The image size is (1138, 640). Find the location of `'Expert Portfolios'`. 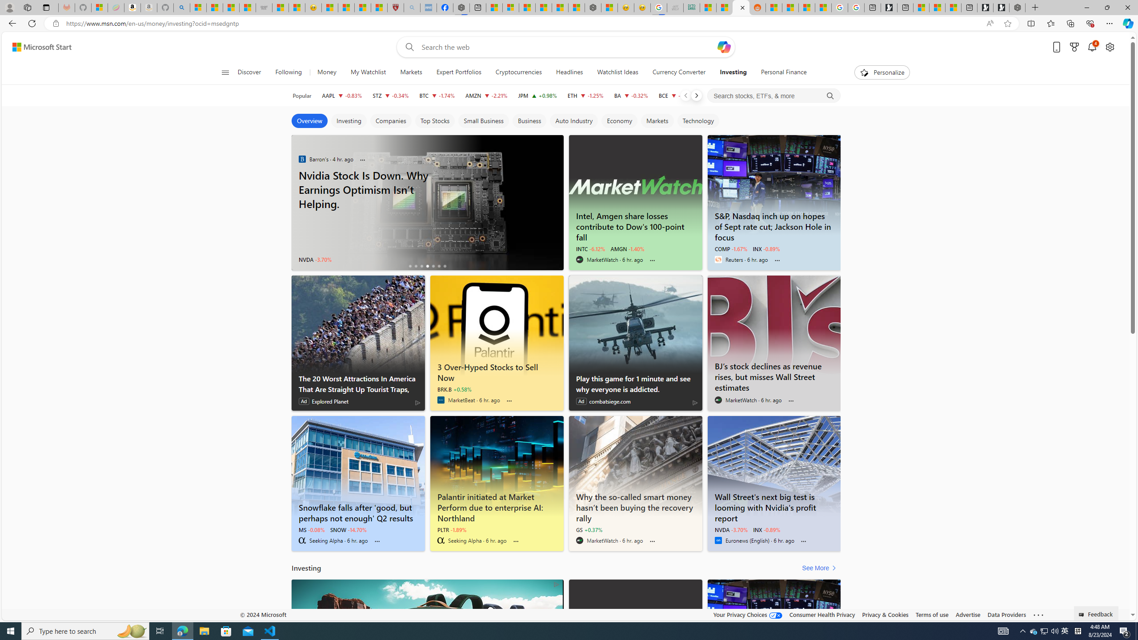

'Expert Portfolios' is located at coordinates (458, 72).